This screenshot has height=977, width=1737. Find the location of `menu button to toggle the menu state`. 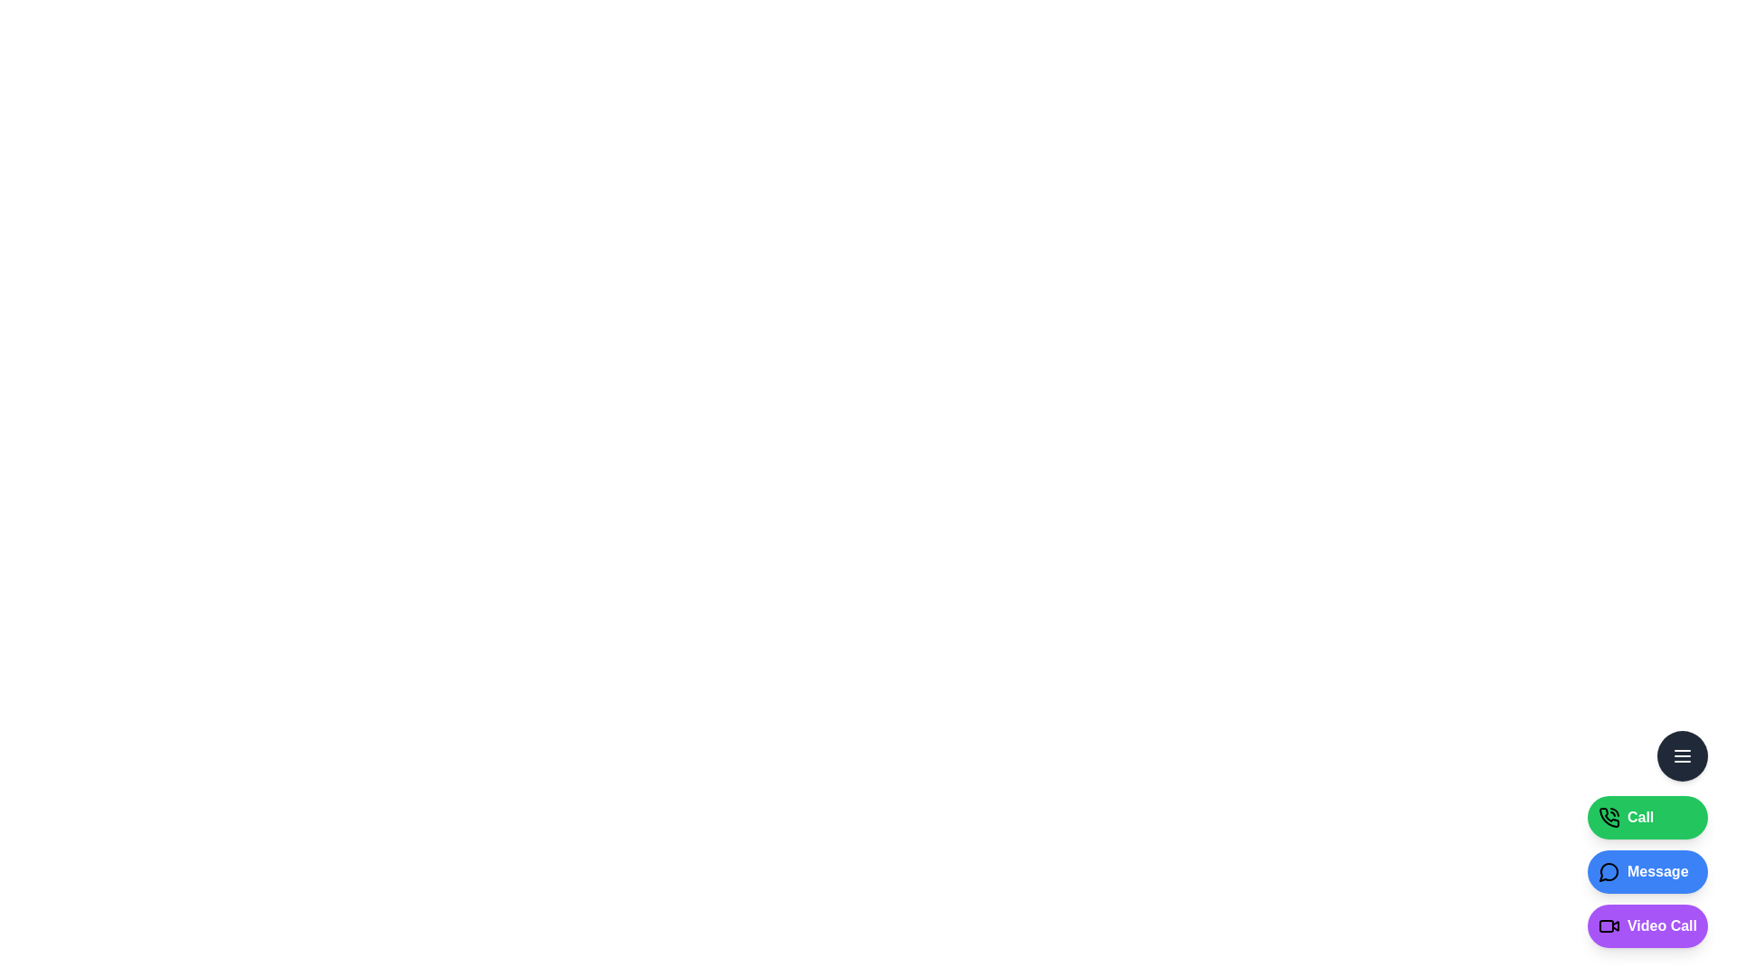

menu button to toggle the menu state is located at coordinates (1682, 756).